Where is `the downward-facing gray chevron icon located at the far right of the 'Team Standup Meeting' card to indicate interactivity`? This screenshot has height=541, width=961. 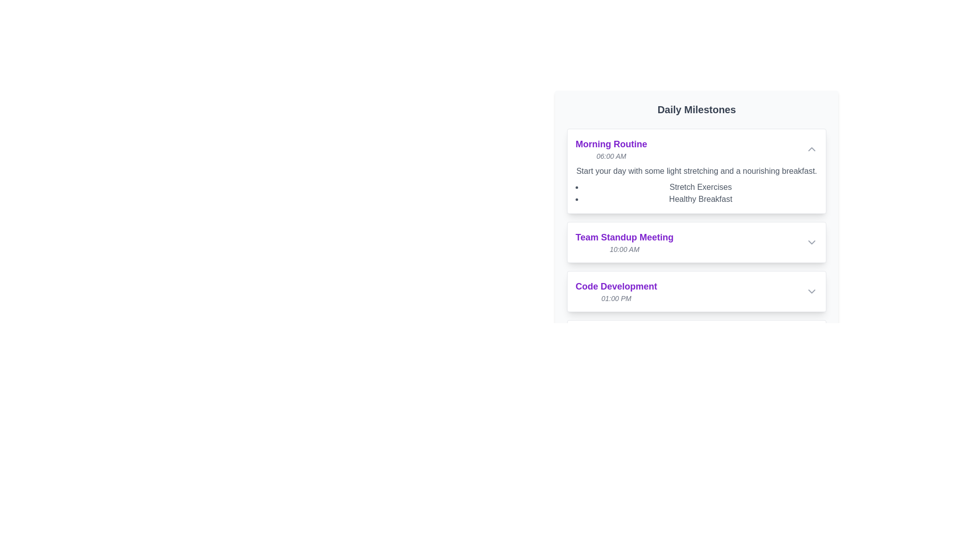 the downward-facing gray chevron icon located at the far right of the 'Team Standup Meeting' card to indicate interactivity is located at coordinates (812, 242).